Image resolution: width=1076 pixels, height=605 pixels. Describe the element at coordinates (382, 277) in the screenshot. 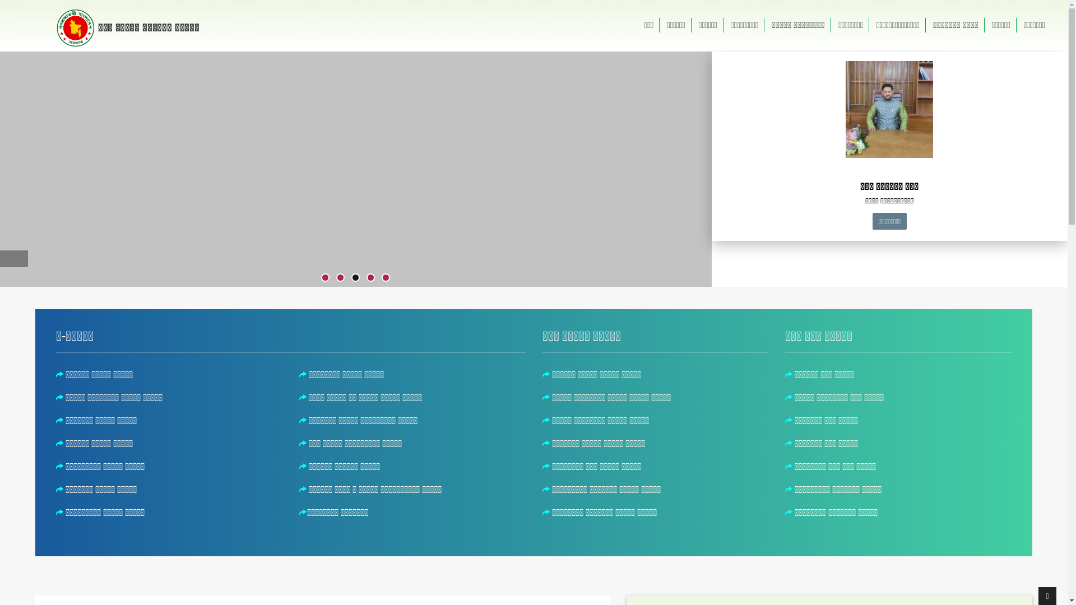

I see `'5'` at that location.